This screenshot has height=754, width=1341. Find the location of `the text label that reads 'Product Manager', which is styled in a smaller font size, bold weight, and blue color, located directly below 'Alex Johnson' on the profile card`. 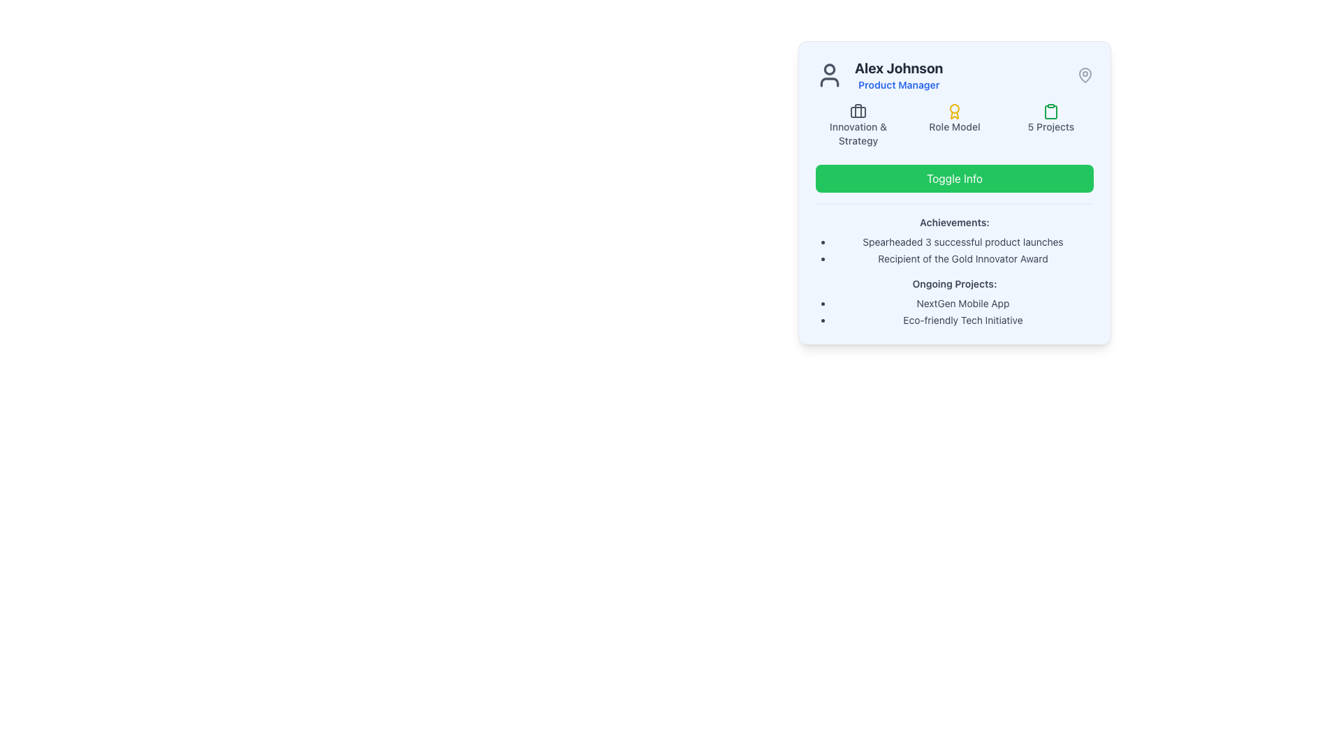

the text label that reads 'Product Manager', which is styled in a smaller font size, bold weight, and blue color, located directly below 'Alex Johnson' on the profile card is located at coordinates (899, 85).